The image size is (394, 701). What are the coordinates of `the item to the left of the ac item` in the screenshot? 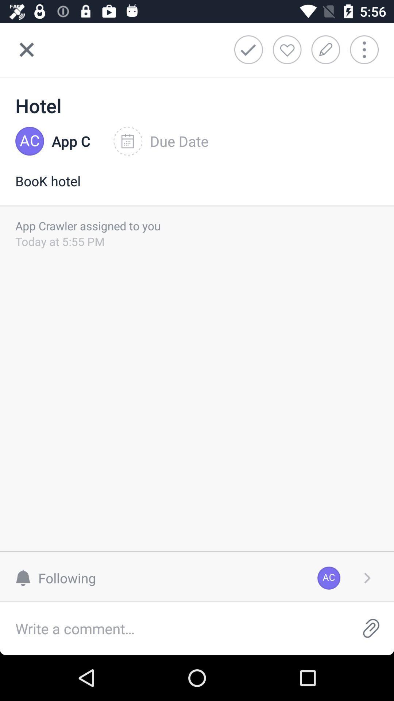 It's located at (59, 578).